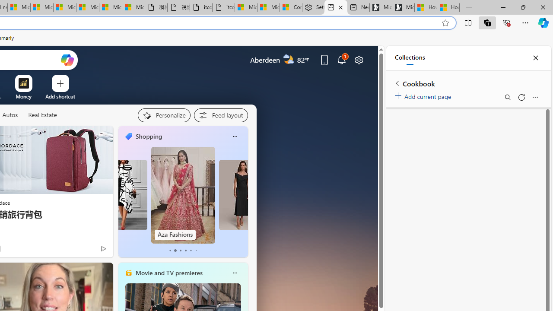  Describe the element at coordinates (448, 7) in the screenshot. I see `'How to Use a TV as a Computer Monitor'` at that location.